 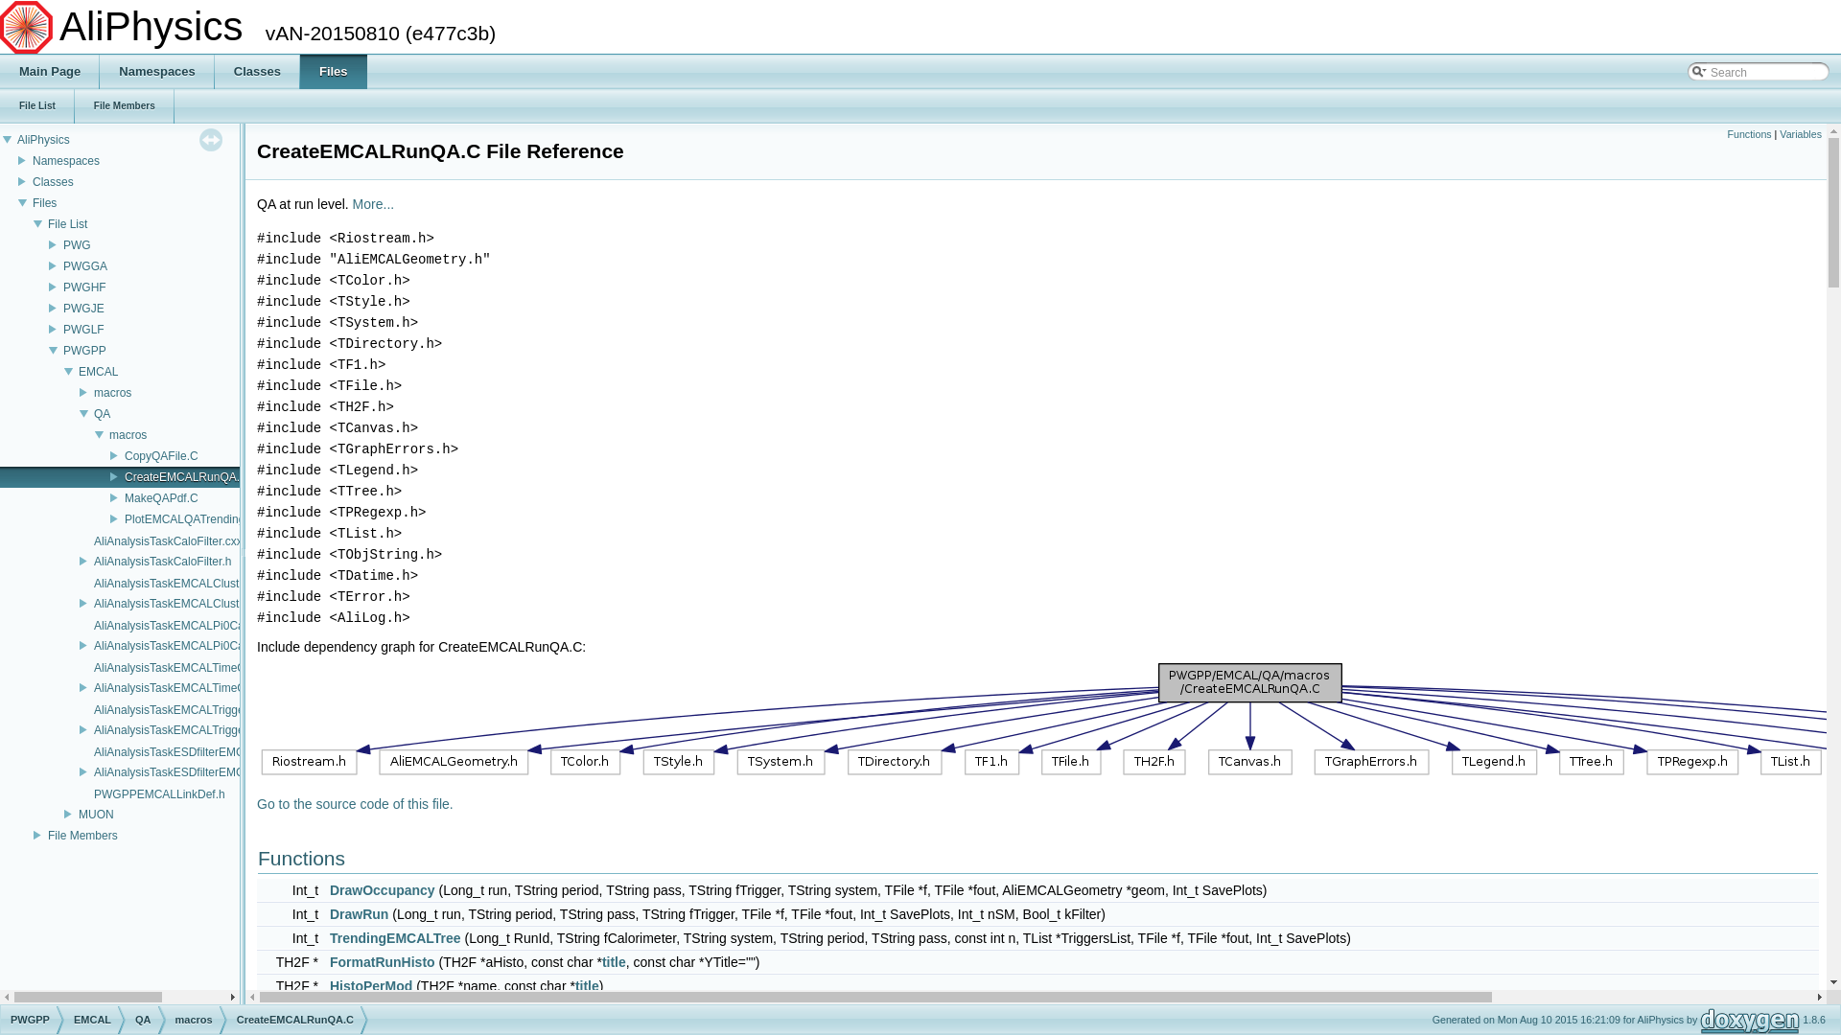 What do you see at coordinates (111, 391) in the screenshot?
I see `'macros'` at bounding box center [111, 391].